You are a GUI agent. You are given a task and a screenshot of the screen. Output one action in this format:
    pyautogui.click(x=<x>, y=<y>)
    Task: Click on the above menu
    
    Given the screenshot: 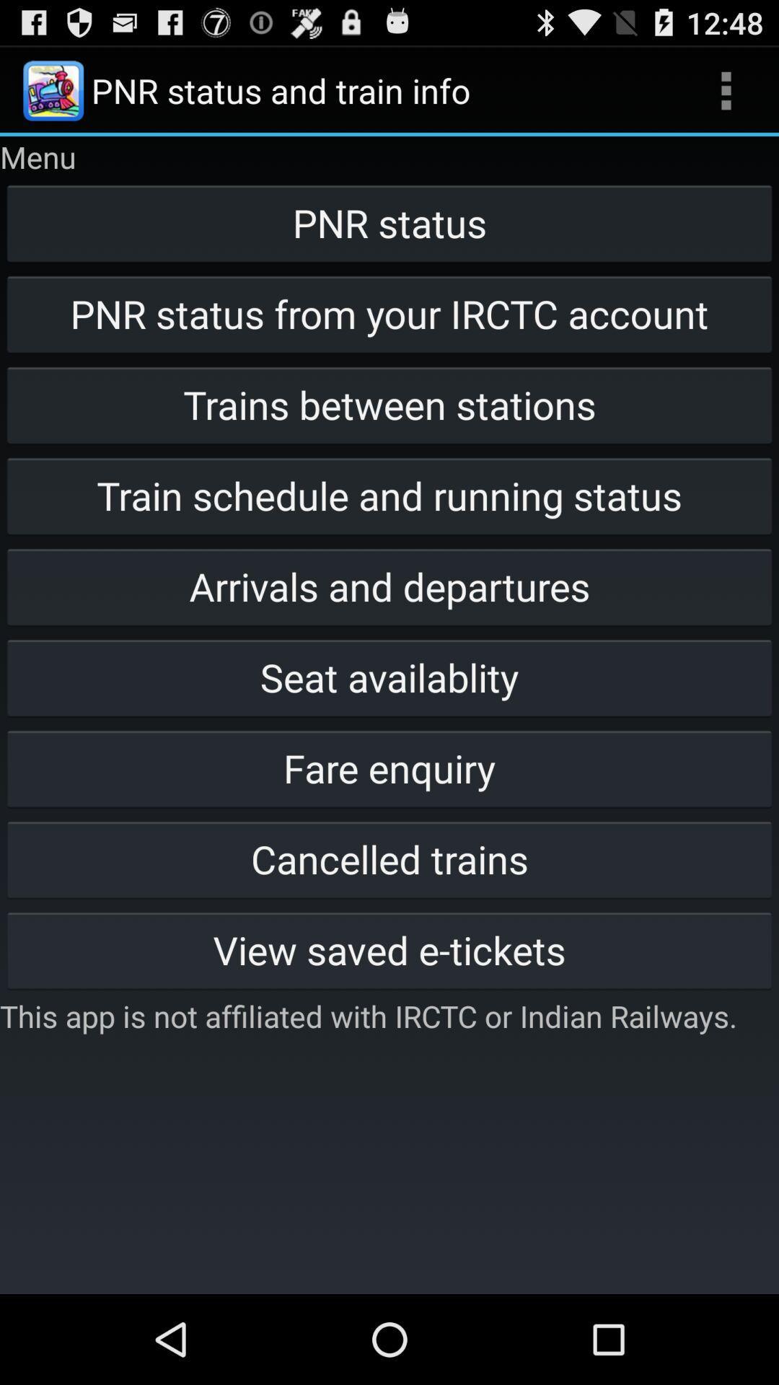 What is the action you would take?
    pyautogui.click(x=52, y=89)
    